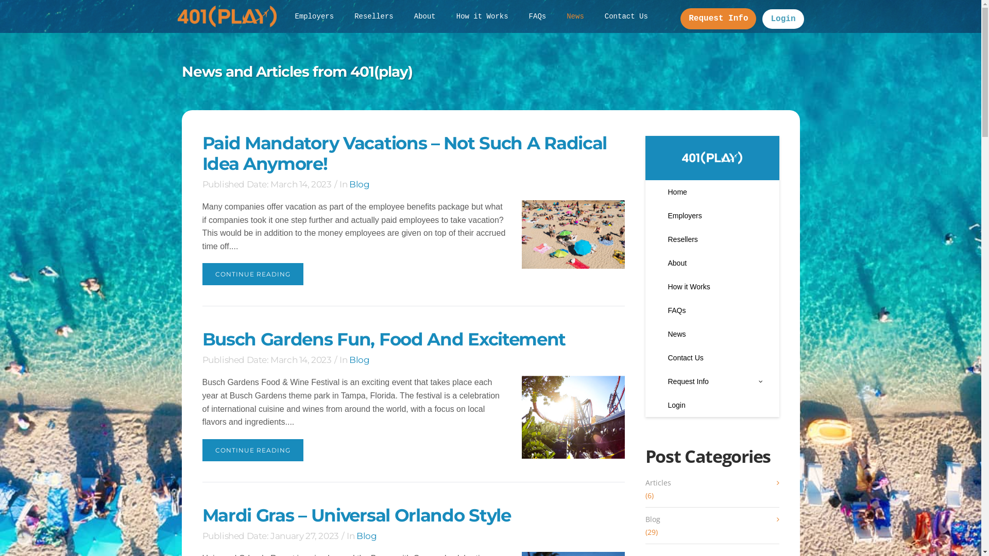 Image resolution: width=989 pixels, height=556 pixels. What do you see at coordinates (407, 16) in the screenshot?
I see `'About'` at bounding box center [407, 16].